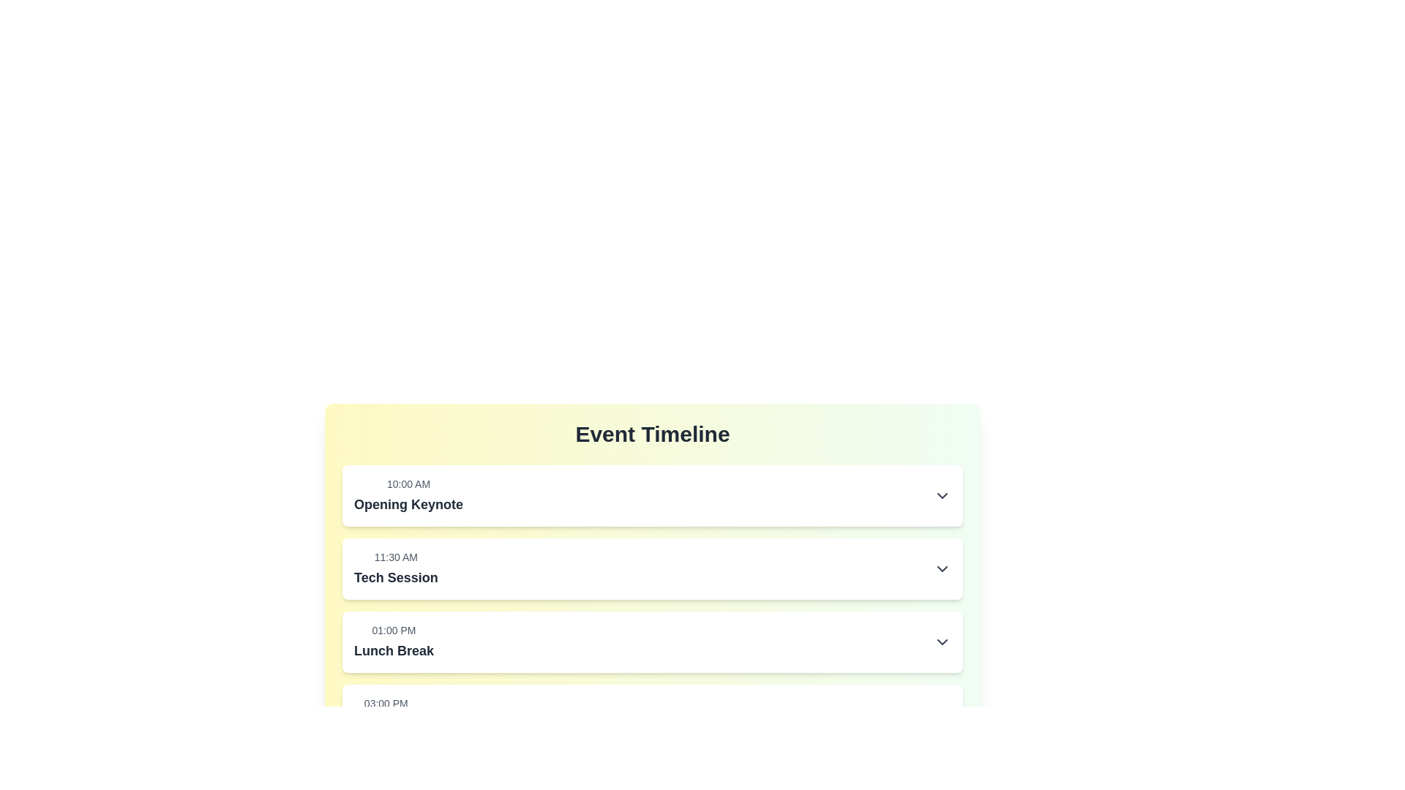 The height and width of the screenshot is (790, 1405). I want to click on the scheduled time label for the 'Tech Session' event, located in the top-left corner of its entry box, just above the title 'Tech Session', so click(396, 557).